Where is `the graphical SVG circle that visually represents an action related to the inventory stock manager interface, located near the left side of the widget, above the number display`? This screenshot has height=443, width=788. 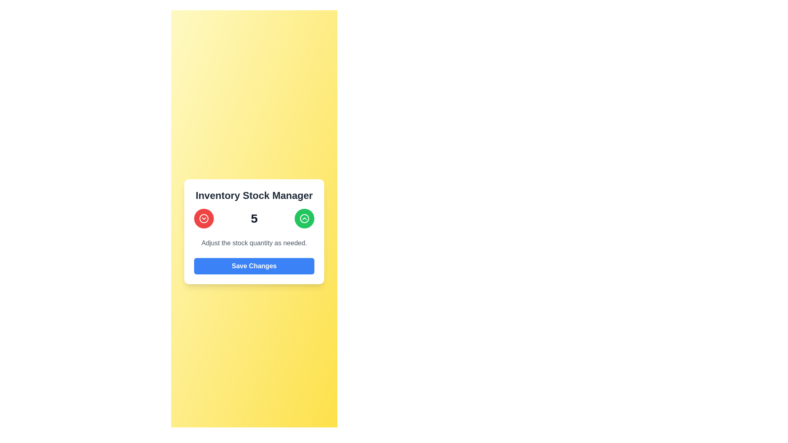
the graphical SVG circle that visually represents an action related to the inventory stock manager interface, located near the left side of the widget, above the number display is located at coordinates (204, 218).